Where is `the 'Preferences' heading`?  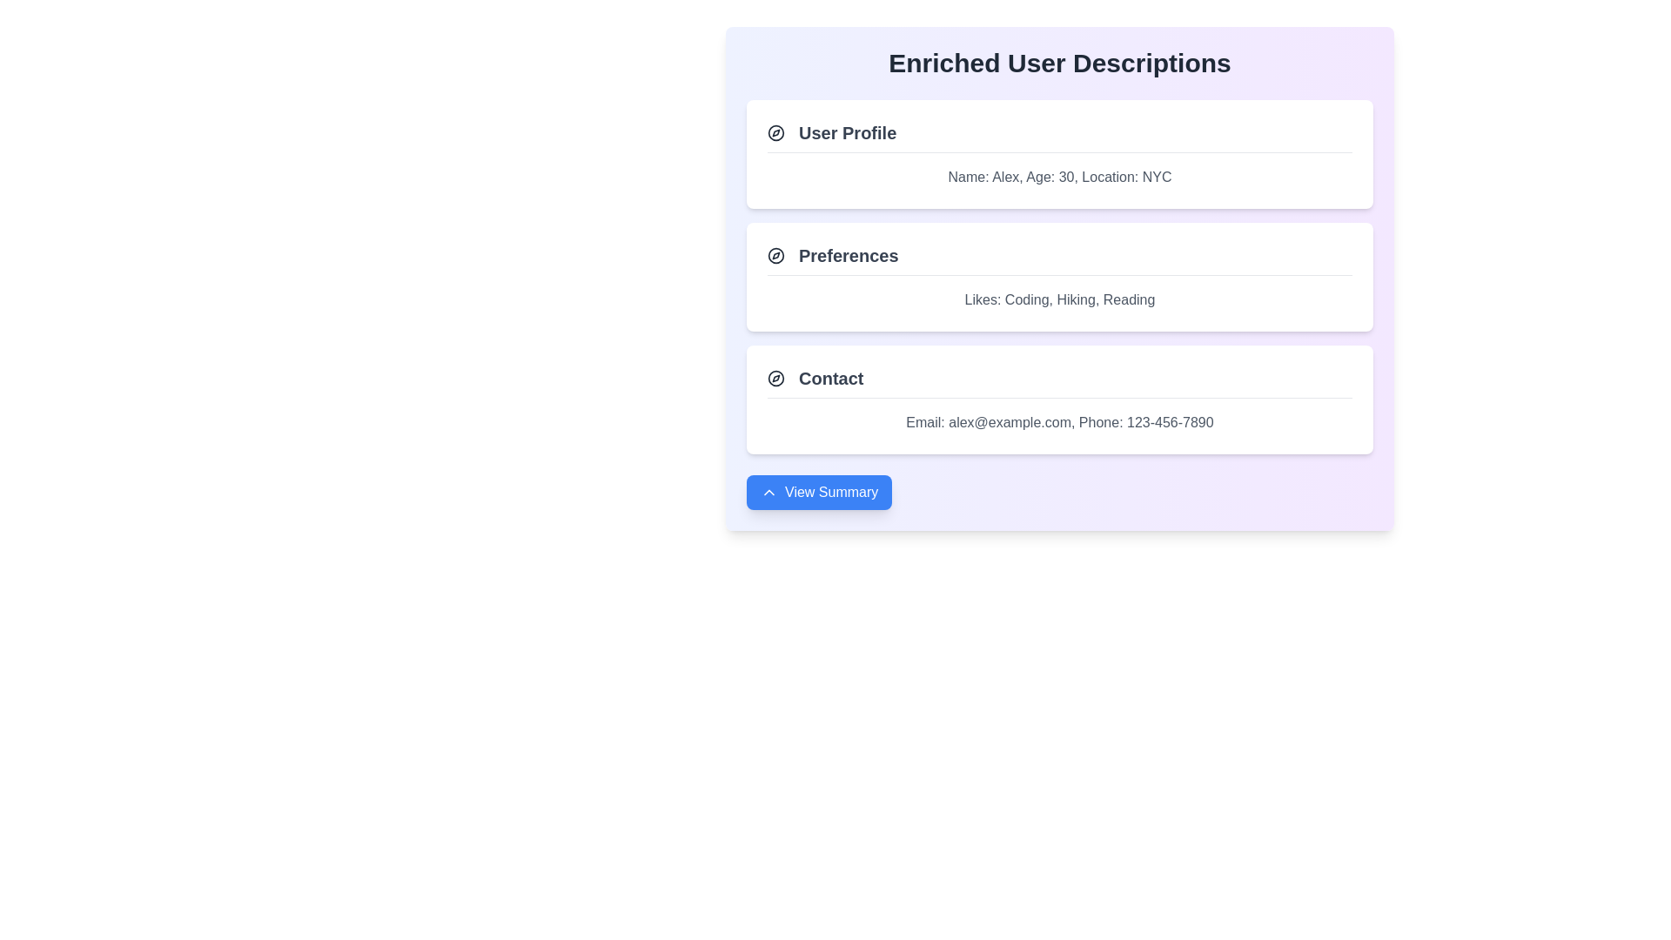
the 'Preferences' heading is located at coordinates (1059, 258).